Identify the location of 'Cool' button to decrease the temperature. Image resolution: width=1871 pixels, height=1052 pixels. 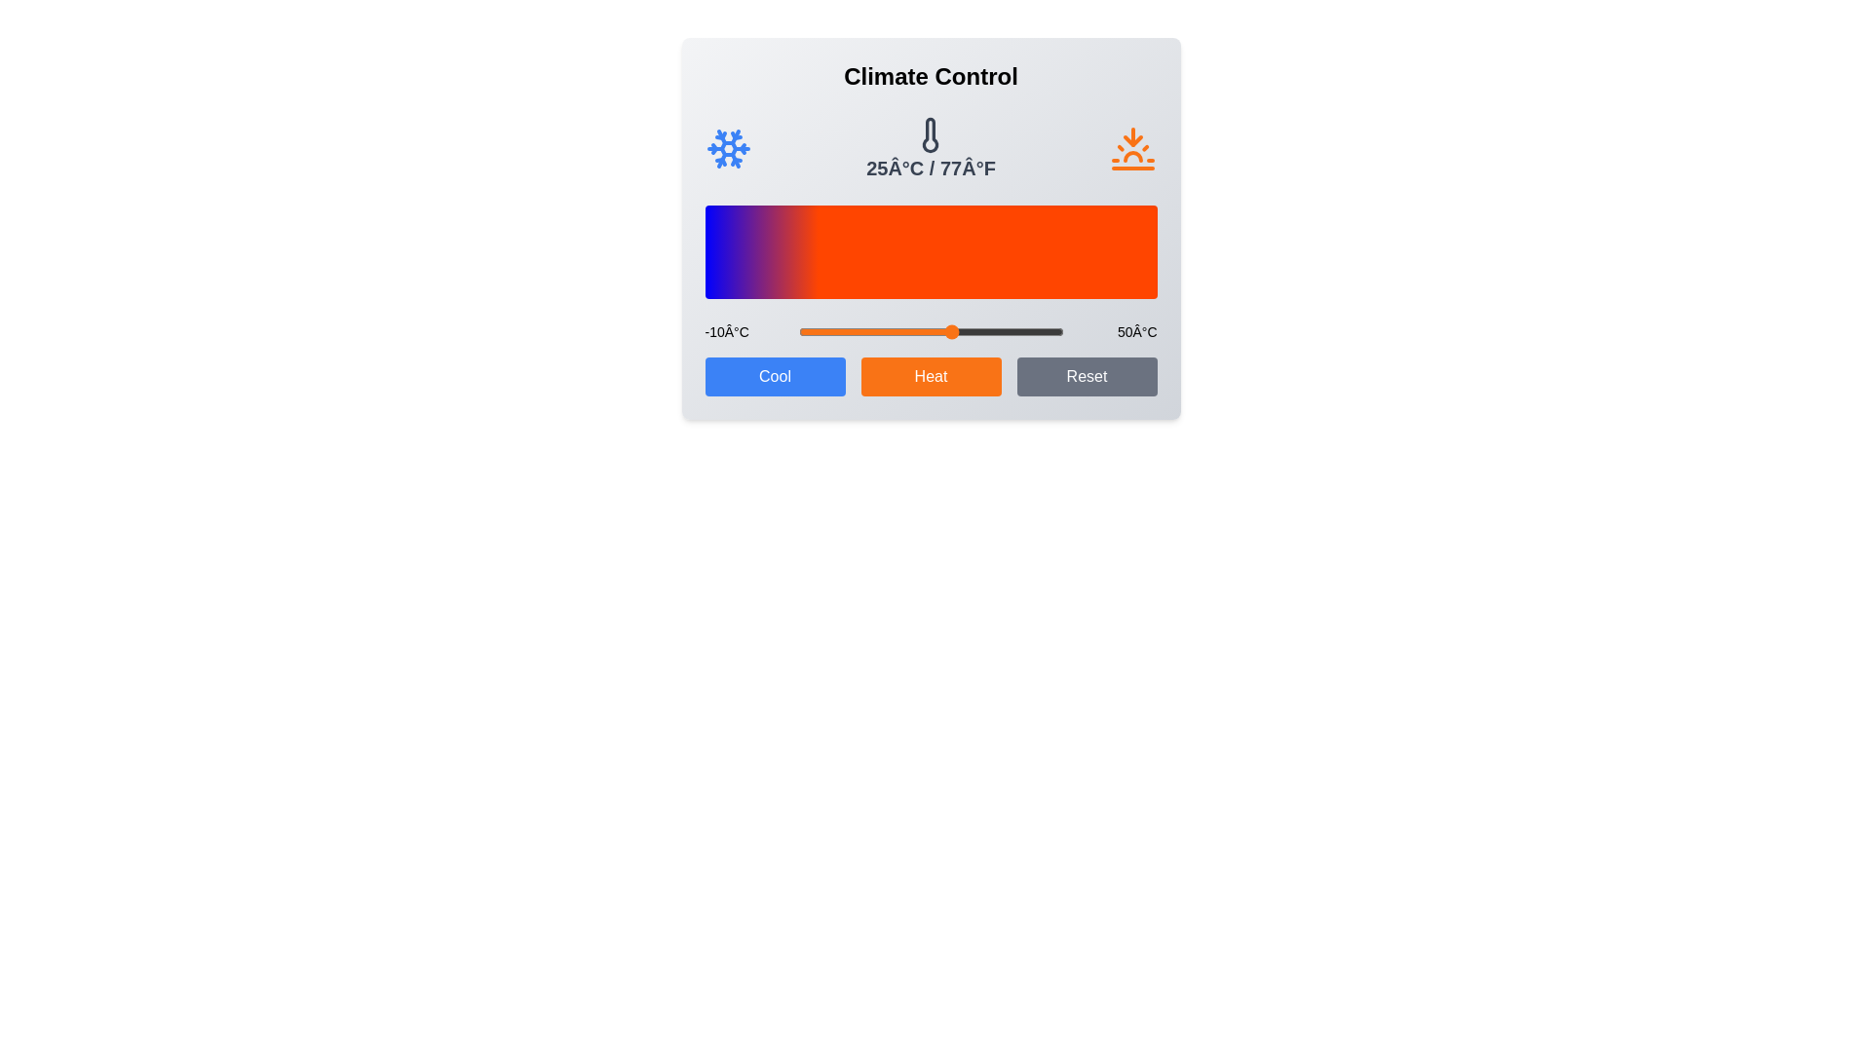
(774, 376).